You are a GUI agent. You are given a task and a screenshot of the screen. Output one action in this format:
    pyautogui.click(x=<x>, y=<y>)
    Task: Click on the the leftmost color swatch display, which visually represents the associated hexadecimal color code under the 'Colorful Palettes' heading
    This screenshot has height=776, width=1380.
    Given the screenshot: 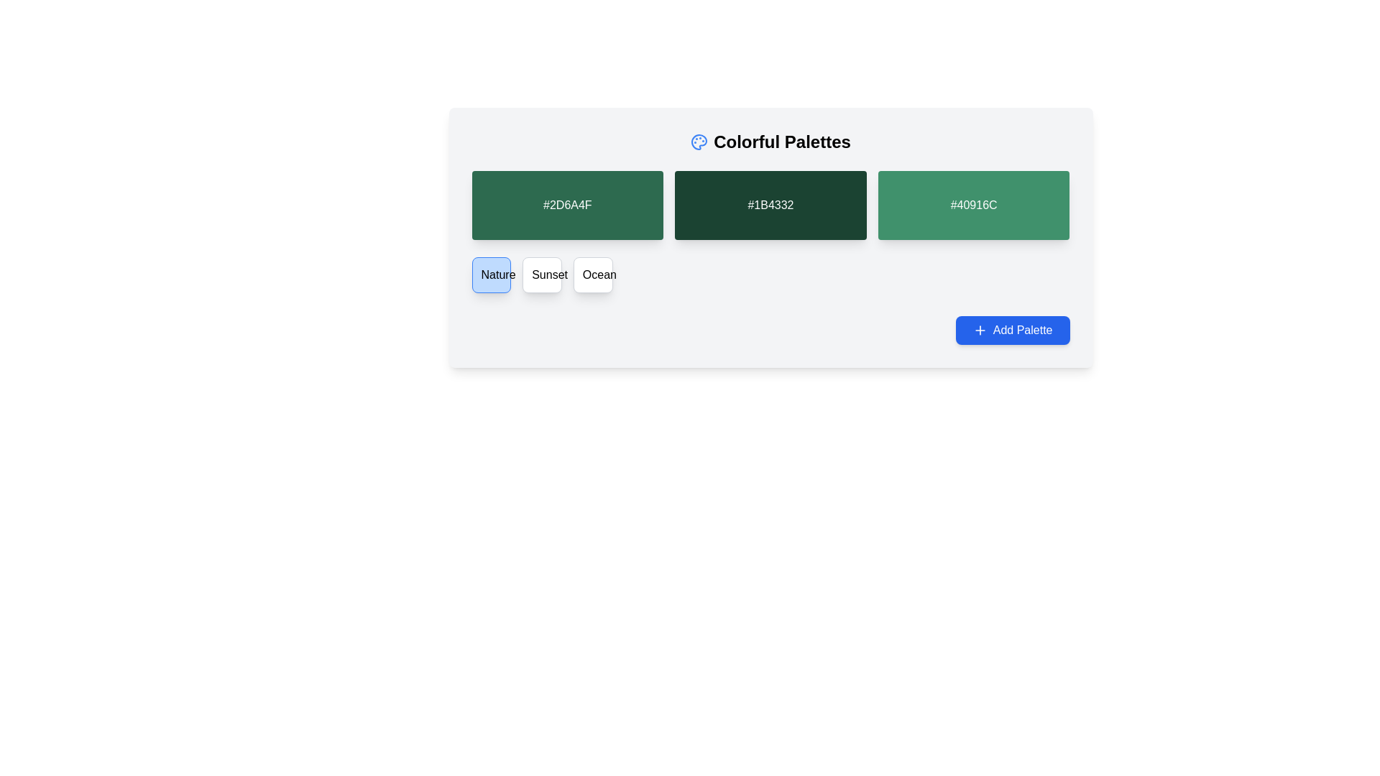 What is the action you would take?
    pyautogui.click(x=566, y=205)
    